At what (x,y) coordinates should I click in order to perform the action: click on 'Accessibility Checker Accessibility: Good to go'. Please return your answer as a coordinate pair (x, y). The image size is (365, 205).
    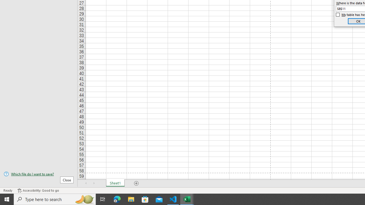
    Looking at the image, I should click on (38, 190).